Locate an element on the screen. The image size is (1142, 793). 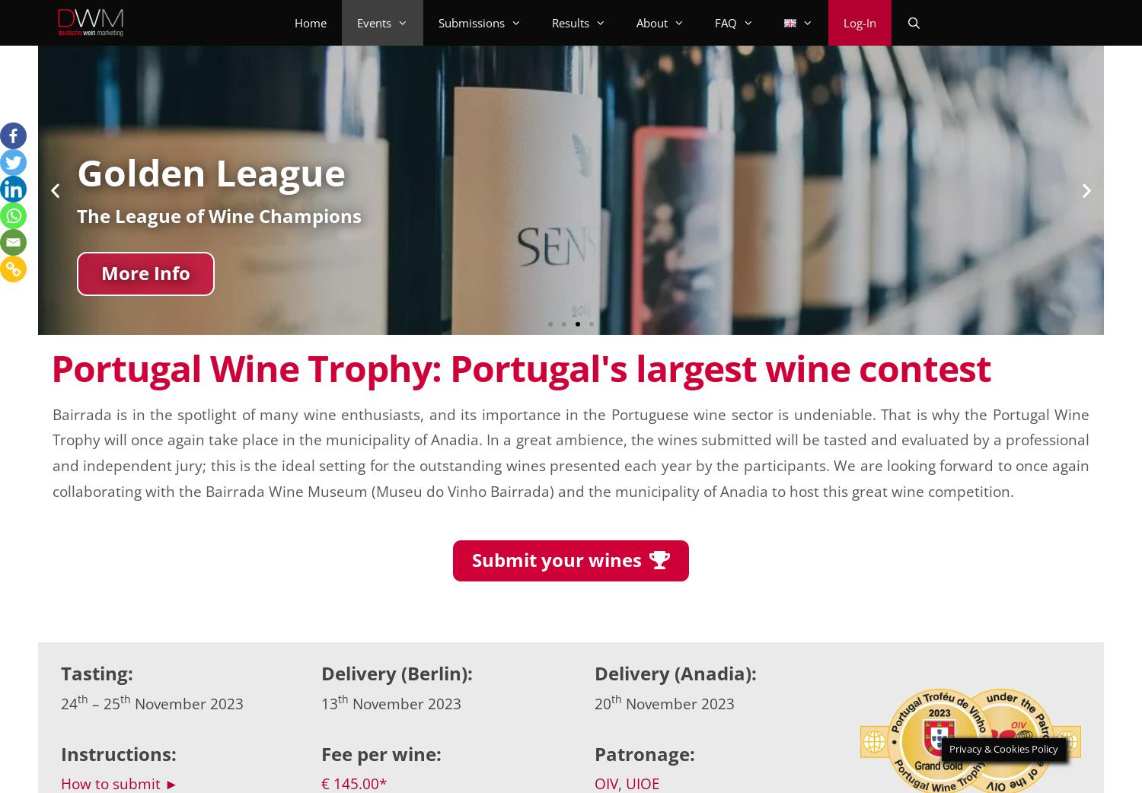
'Delivery (Berlin):' is located at coordinates (397, 672).